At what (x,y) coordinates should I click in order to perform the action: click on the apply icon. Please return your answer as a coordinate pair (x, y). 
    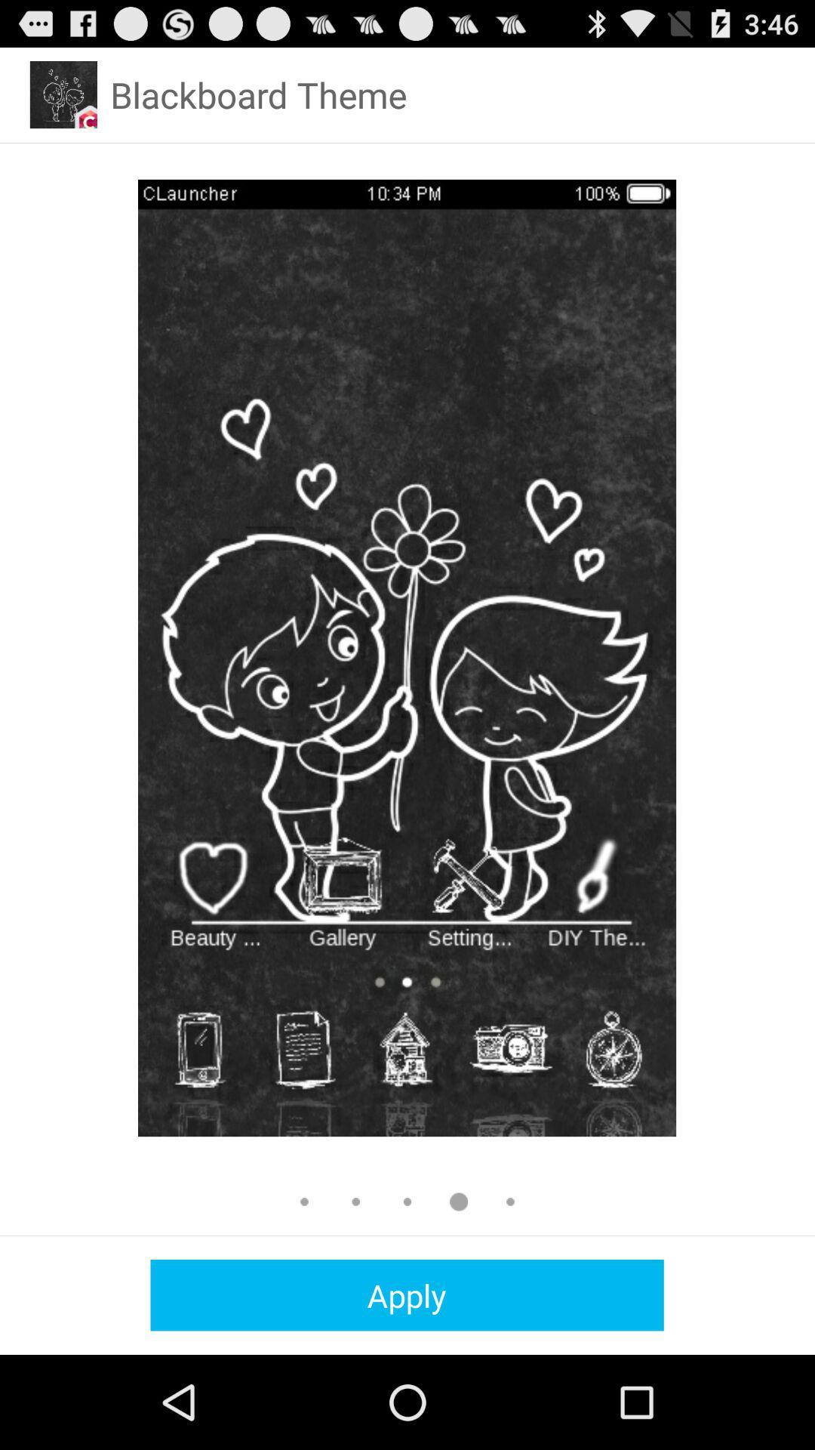
    Looking at the image, I should click on (406, 1294).